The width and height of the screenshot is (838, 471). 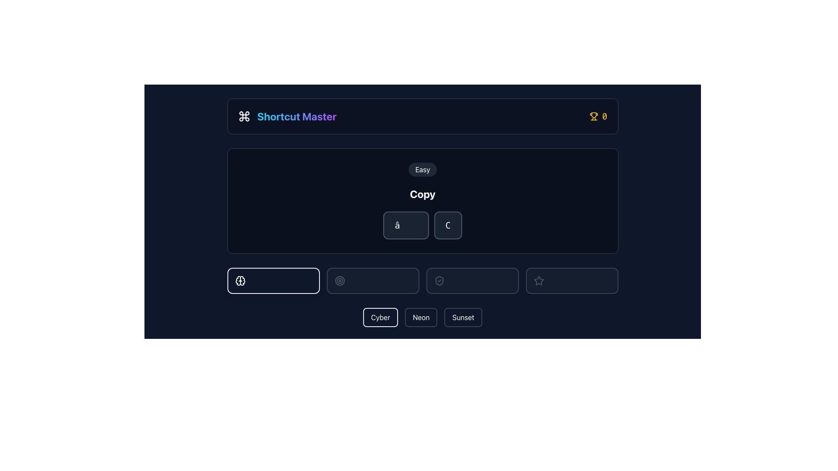 I want to click on the 'Neon' option selection button, which is centrally located at the bottom section of the interface, between the 'Cyber' and 'Sunset' buttons, so click(x=421, y=317).